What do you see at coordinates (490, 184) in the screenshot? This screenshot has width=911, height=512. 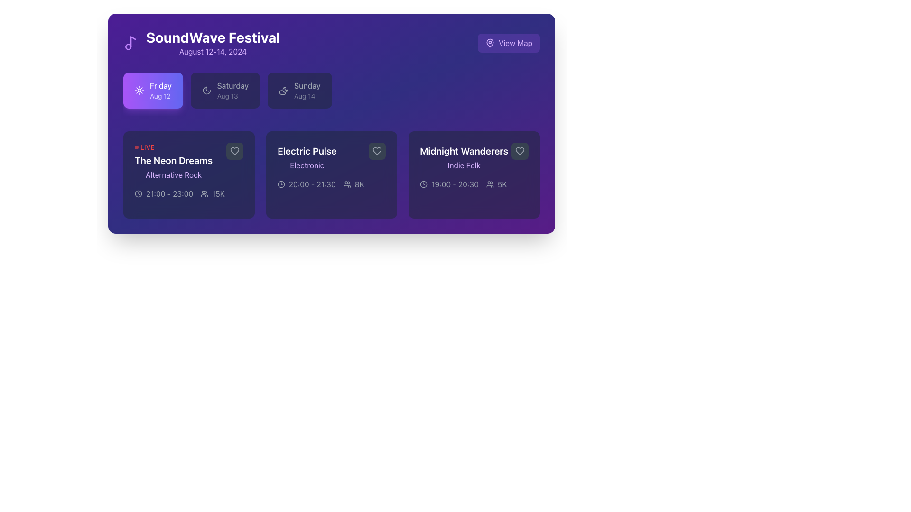 I see `the user count icon that represents an audience metric, which is positioned to the left of the '5K' text label in the bottom-right card of the interface` at bounding box center [490, 184].